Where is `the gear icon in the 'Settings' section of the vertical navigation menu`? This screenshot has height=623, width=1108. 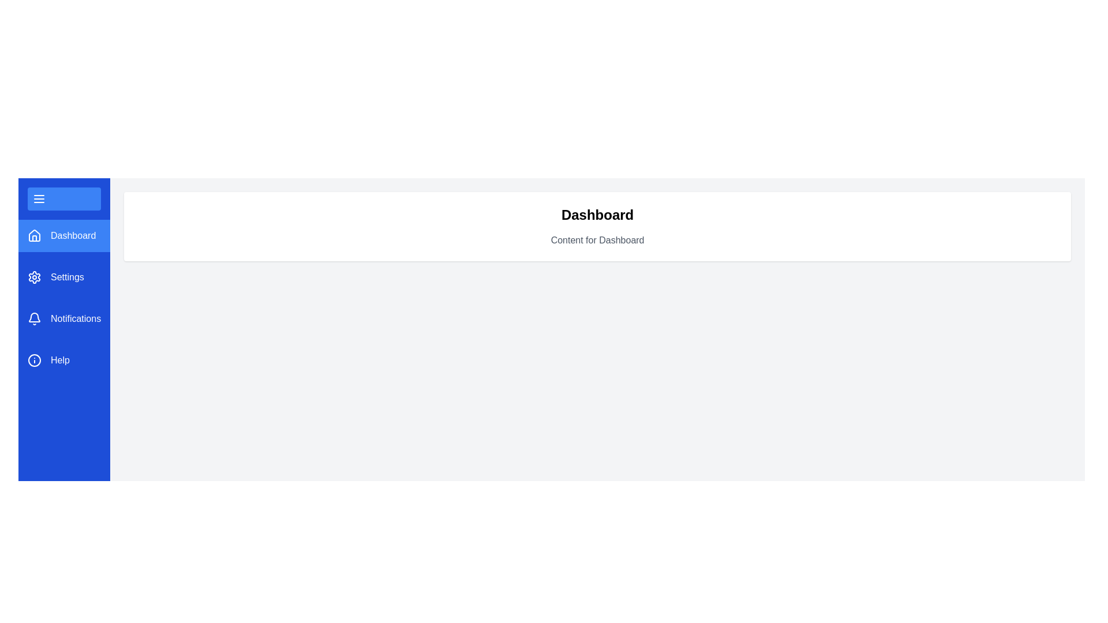
the gear icon in the 'Settings' section of the vertical navigation menu is located at coordinates (34, 277).